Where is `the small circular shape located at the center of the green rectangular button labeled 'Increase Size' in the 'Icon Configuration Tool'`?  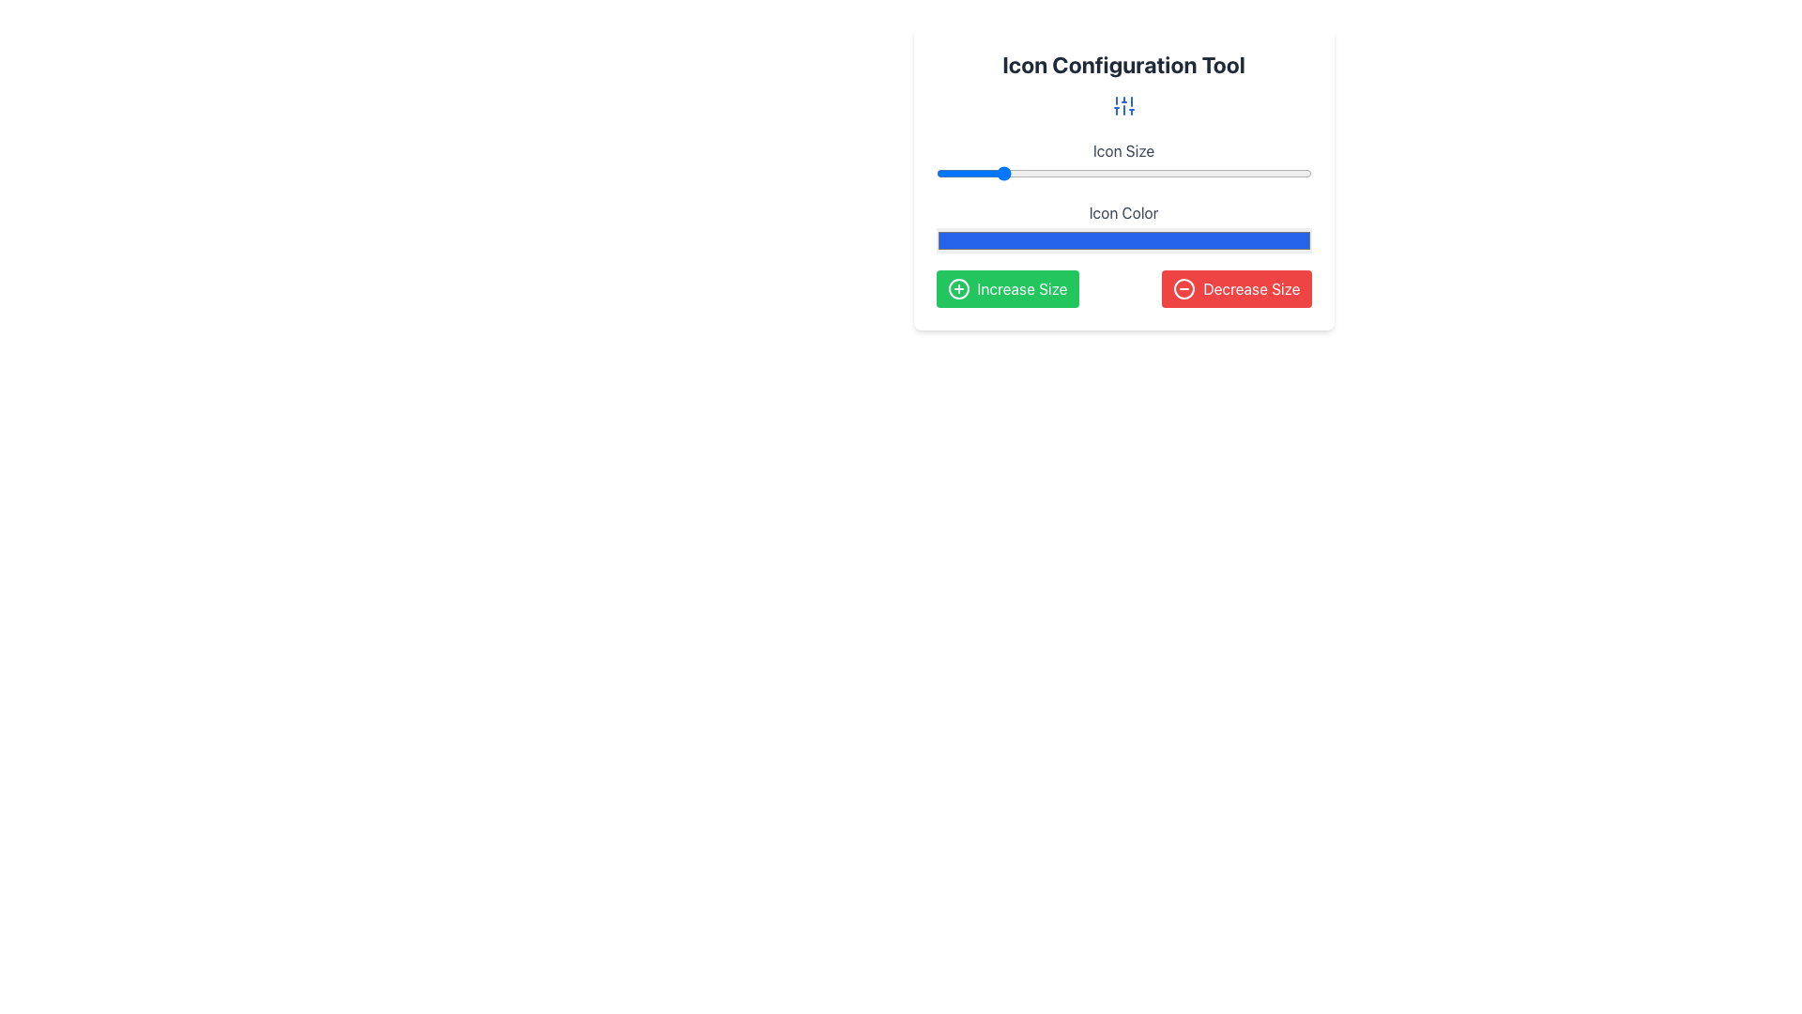 the small circular shape located at the center of the green rectangular button labeled 'Increase Size' in the 'Icon Configuration Tool' is located at coordinates (958, 289).